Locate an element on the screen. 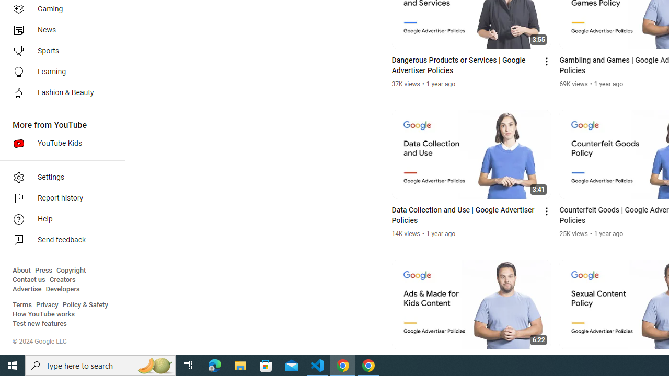 The width and height of the screenshot is (669, 376). 'Privacy' is located at coordinates (47, 305).